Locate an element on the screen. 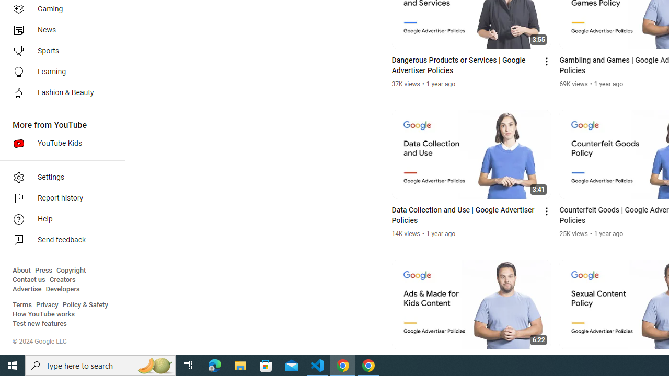 The width and height of the screenshot is (669, 376). 'Privacy' is located at coordinates (47, 305).